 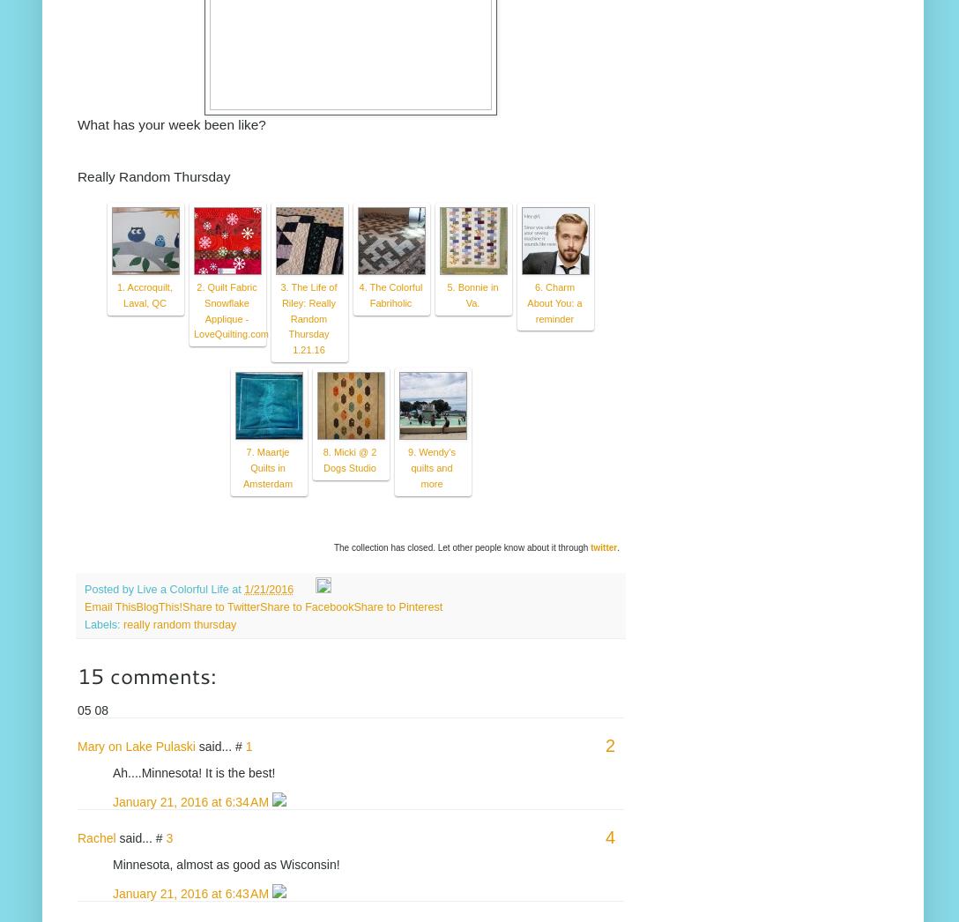 What do you see at coordinates (84, 606) in the screenshot?
I see `'Email This'` at bounding box center [84, 606].